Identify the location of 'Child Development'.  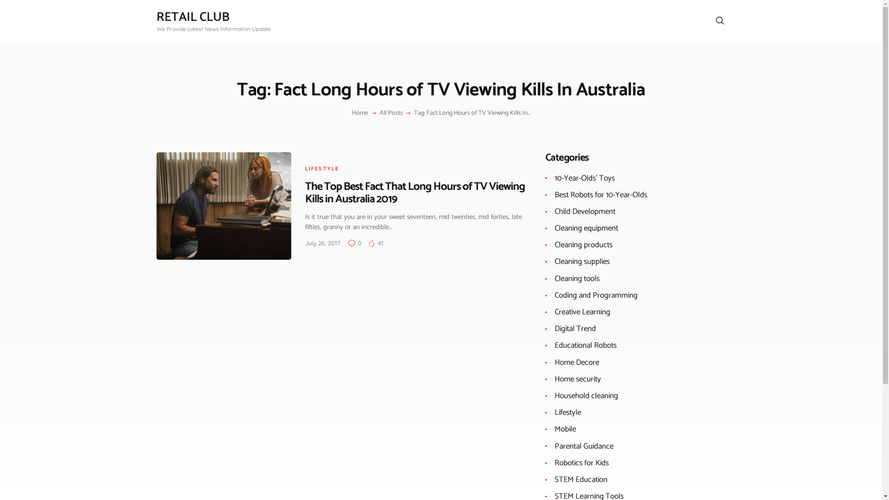
(555, 211).